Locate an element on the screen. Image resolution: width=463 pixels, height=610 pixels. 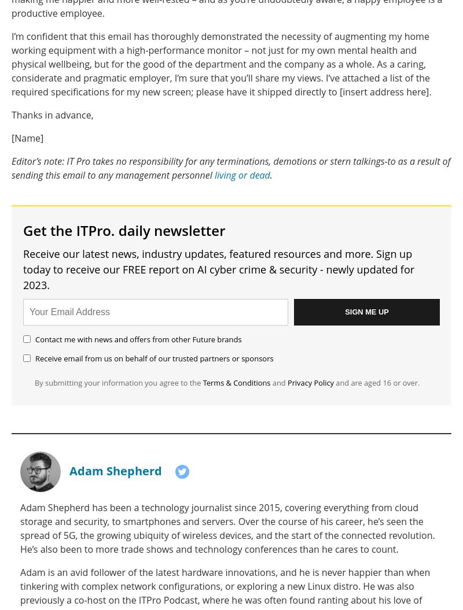
'By submitting your information you agree to the' is located at coordinates (118, 382).